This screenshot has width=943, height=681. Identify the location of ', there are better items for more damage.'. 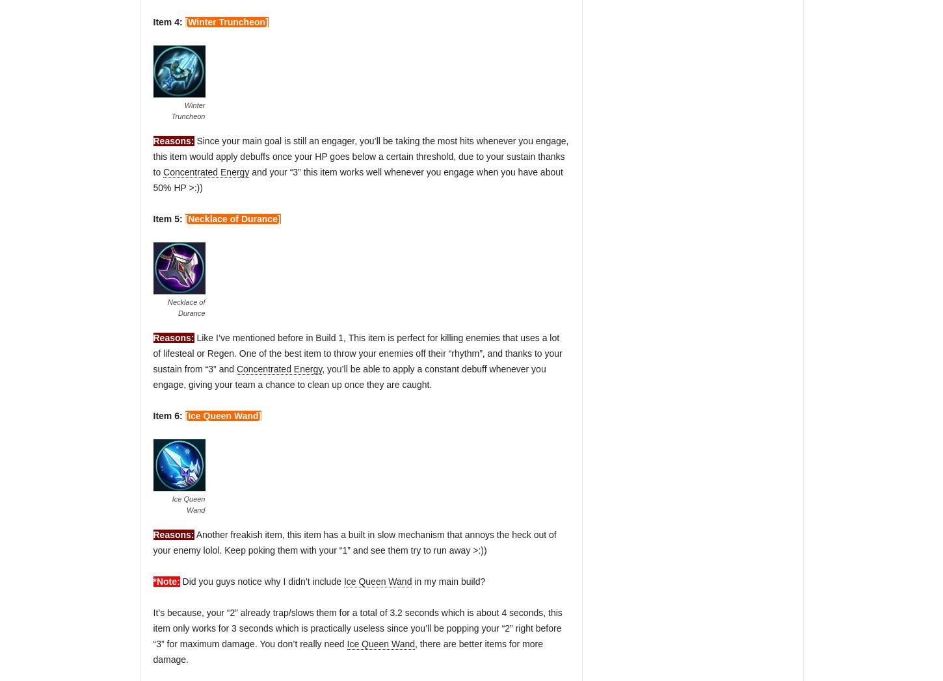
(347, 651).